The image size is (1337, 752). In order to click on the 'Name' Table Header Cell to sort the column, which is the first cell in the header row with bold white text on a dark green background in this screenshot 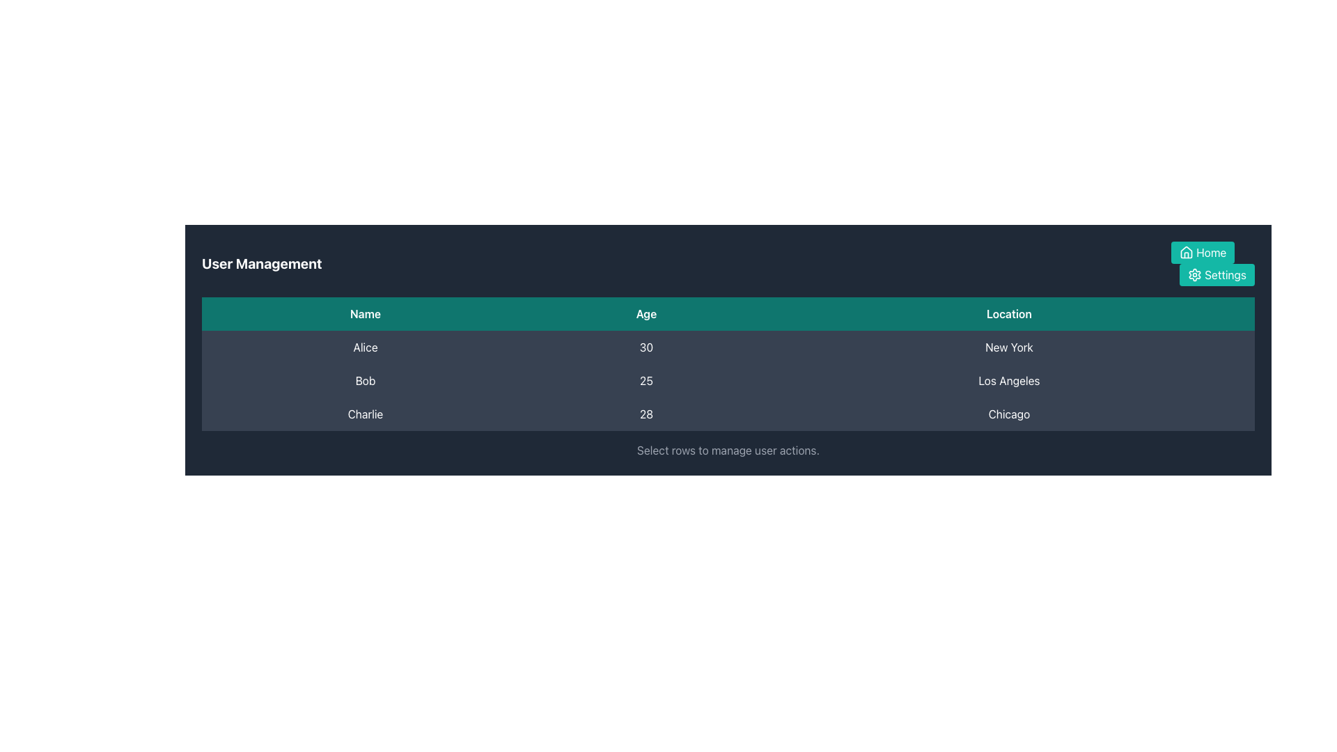, I will do `click(365, 314)`.